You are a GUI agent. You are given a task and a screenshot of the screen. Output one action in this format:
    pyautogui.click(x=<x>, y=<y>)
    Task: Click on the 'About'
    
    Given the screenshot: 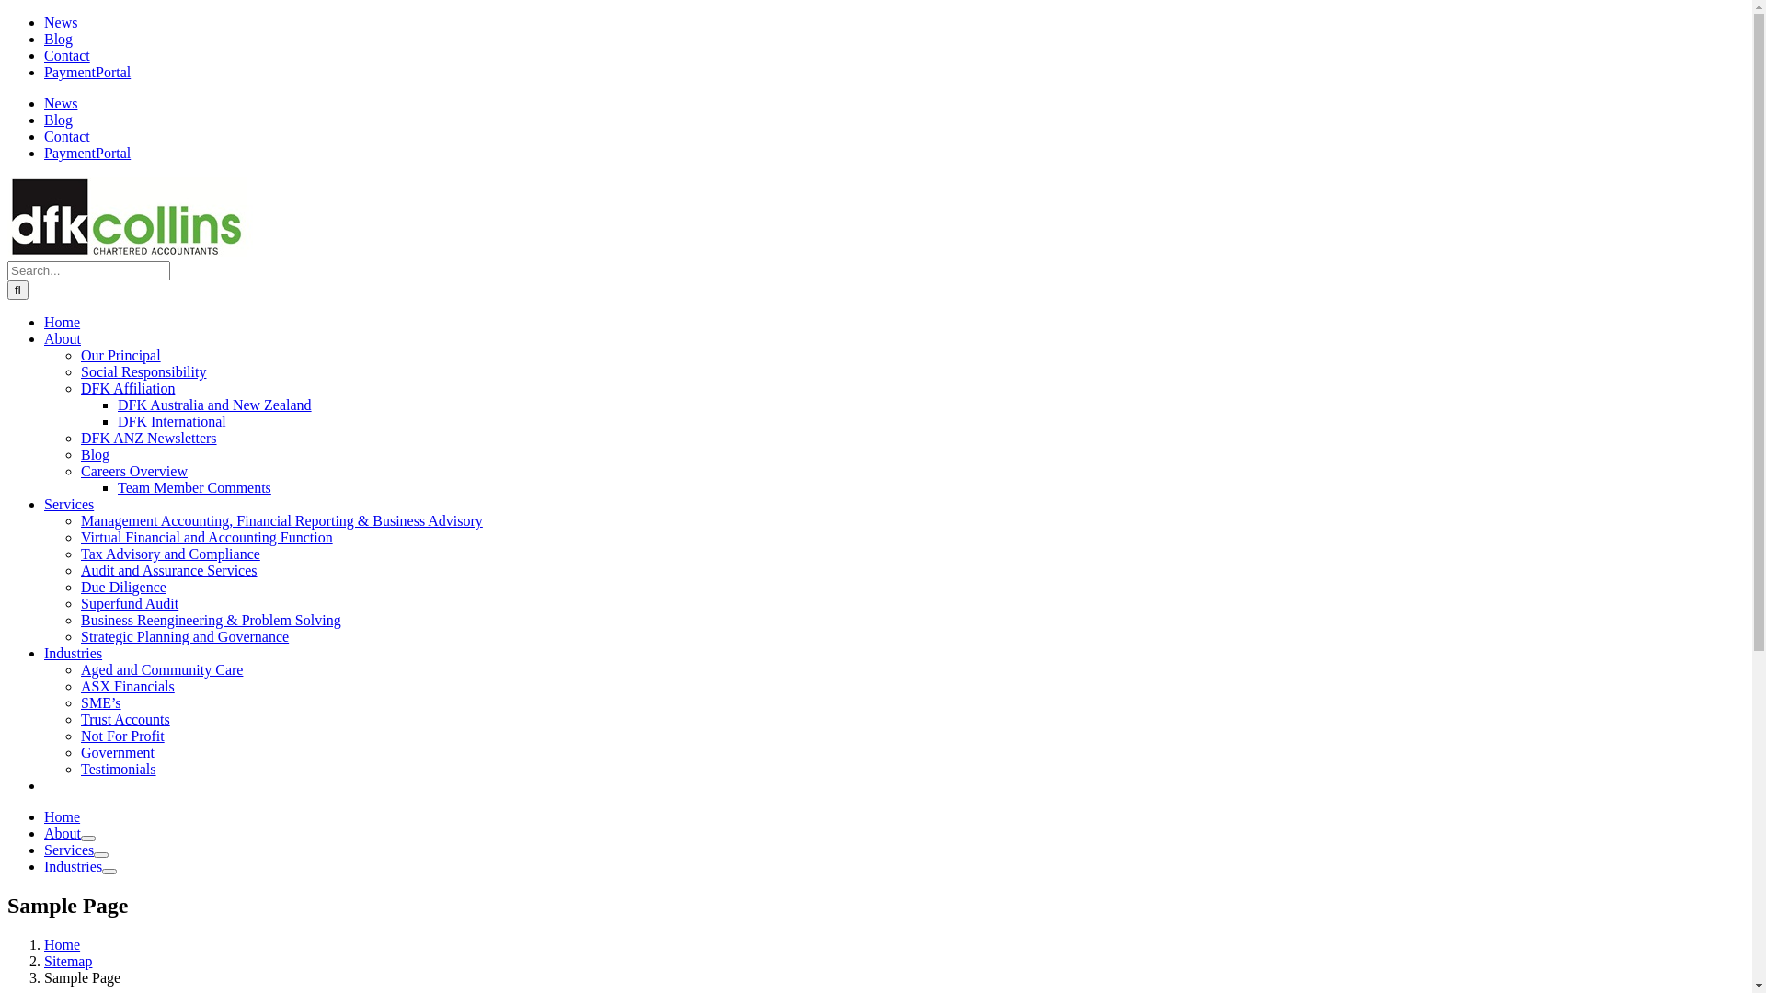 What is the action you would take?
    pyautogui.click(x=62, y=338)
    